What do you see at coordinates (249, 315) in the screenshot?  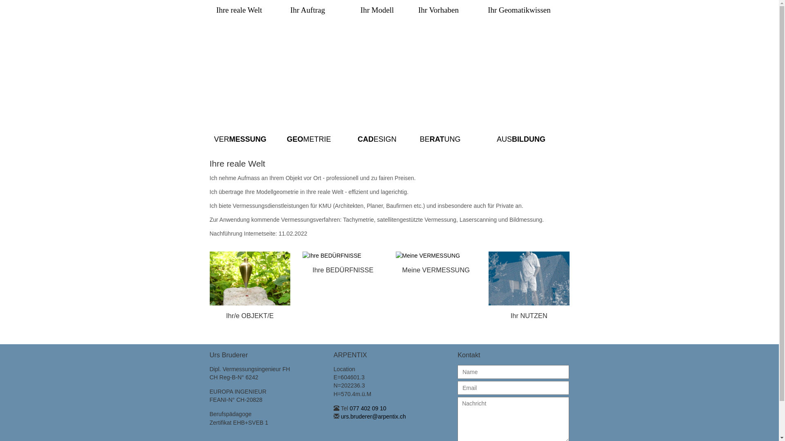 I see `'Ihr/e OBJEKT/E'` at bounding box center [249, 315].